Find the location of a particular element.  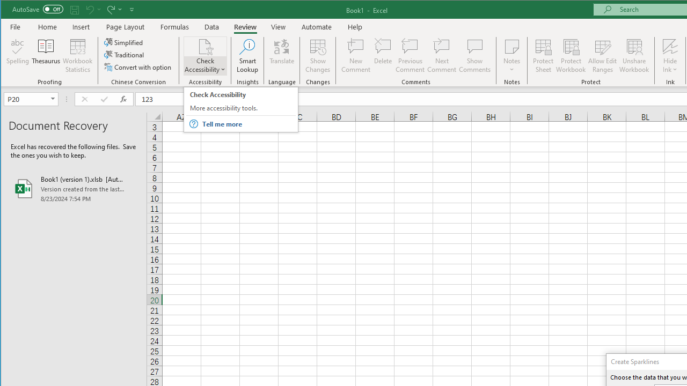

'Thesaurus...' is located at coordinates (46, 56).